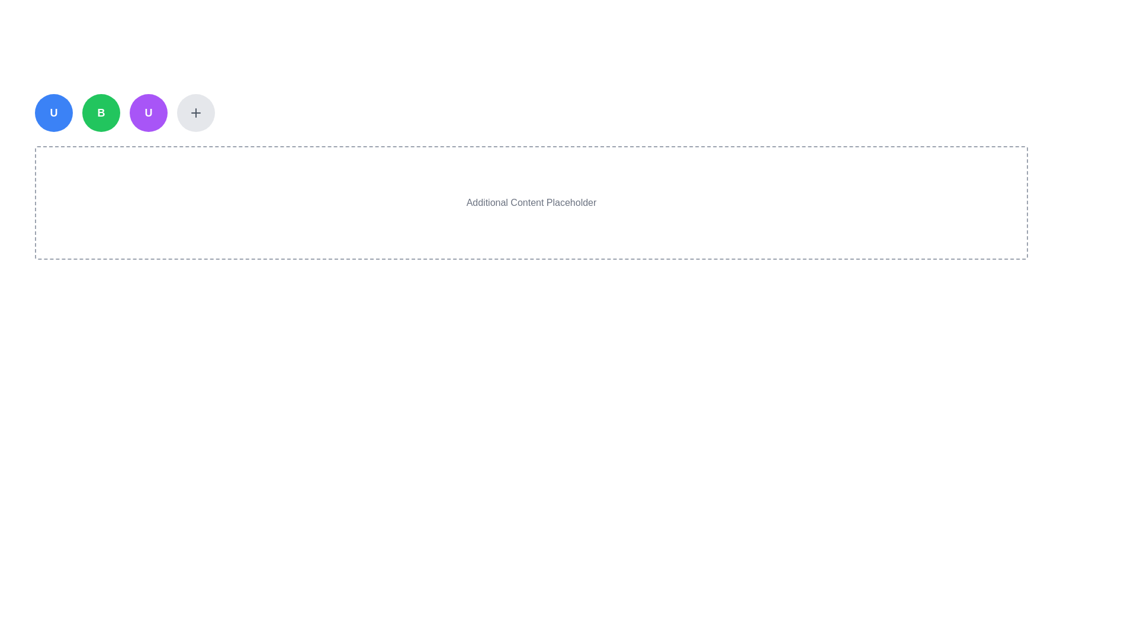  Describe the element at coordinates (147, 113) in the screenshot. I see `the purple button associated with 'Uchiha Chan'` at that location.